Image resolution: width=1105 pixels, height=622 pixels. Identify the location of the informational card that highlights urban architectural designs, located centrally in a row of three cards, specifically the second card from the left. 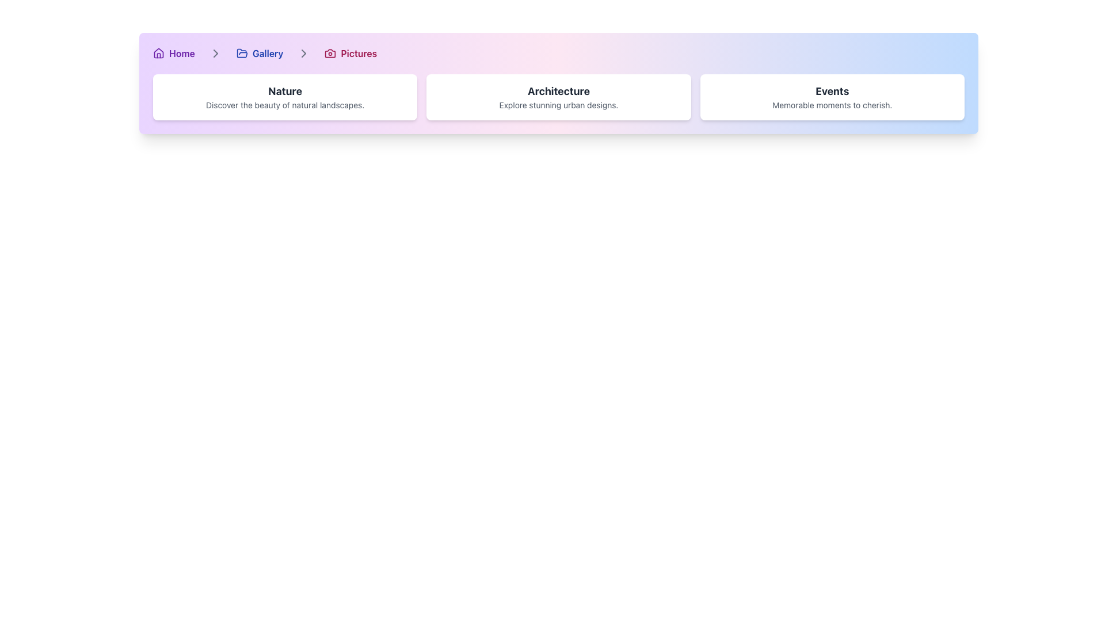
(558, 97).